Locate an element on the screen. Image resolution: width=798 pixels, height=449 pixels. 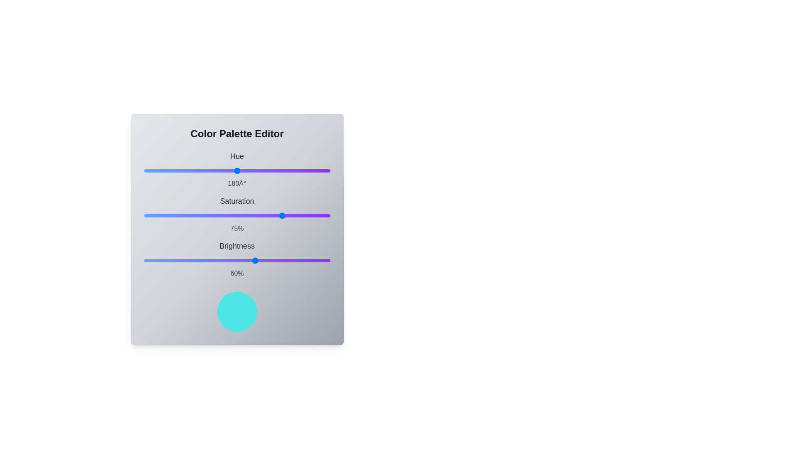
the saturation slider to 84% is located at coordinates (300, 215).